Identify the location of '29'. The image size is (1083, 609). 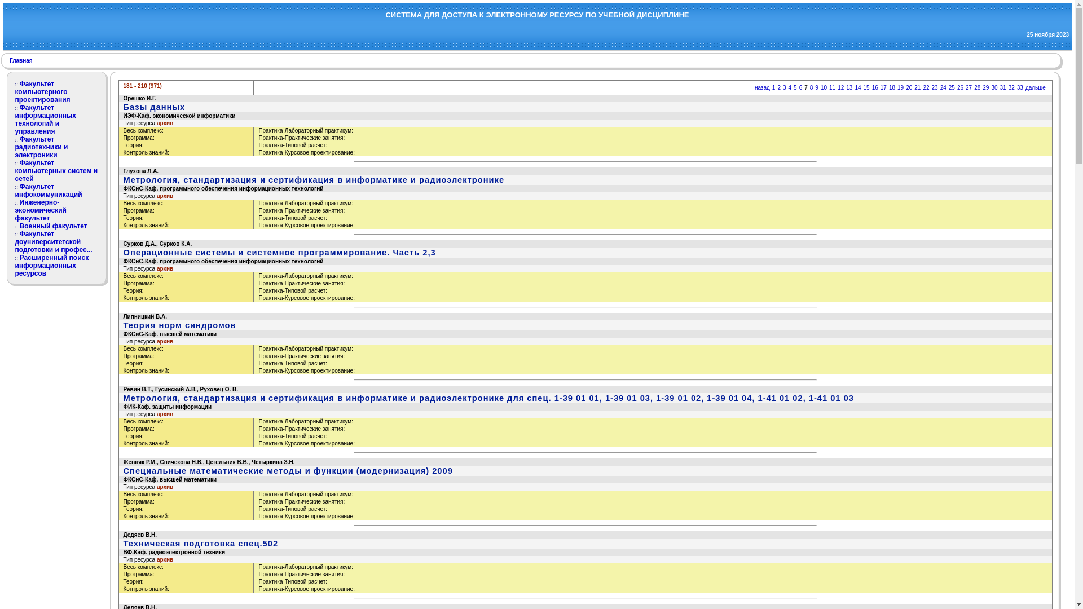
(985, 87).